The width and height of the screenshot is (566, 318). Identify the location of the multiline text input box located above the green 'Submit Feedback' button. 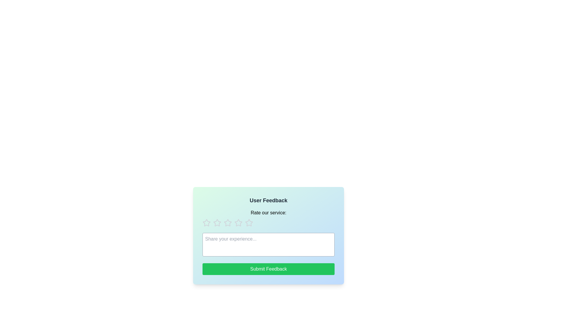
(268, 244).